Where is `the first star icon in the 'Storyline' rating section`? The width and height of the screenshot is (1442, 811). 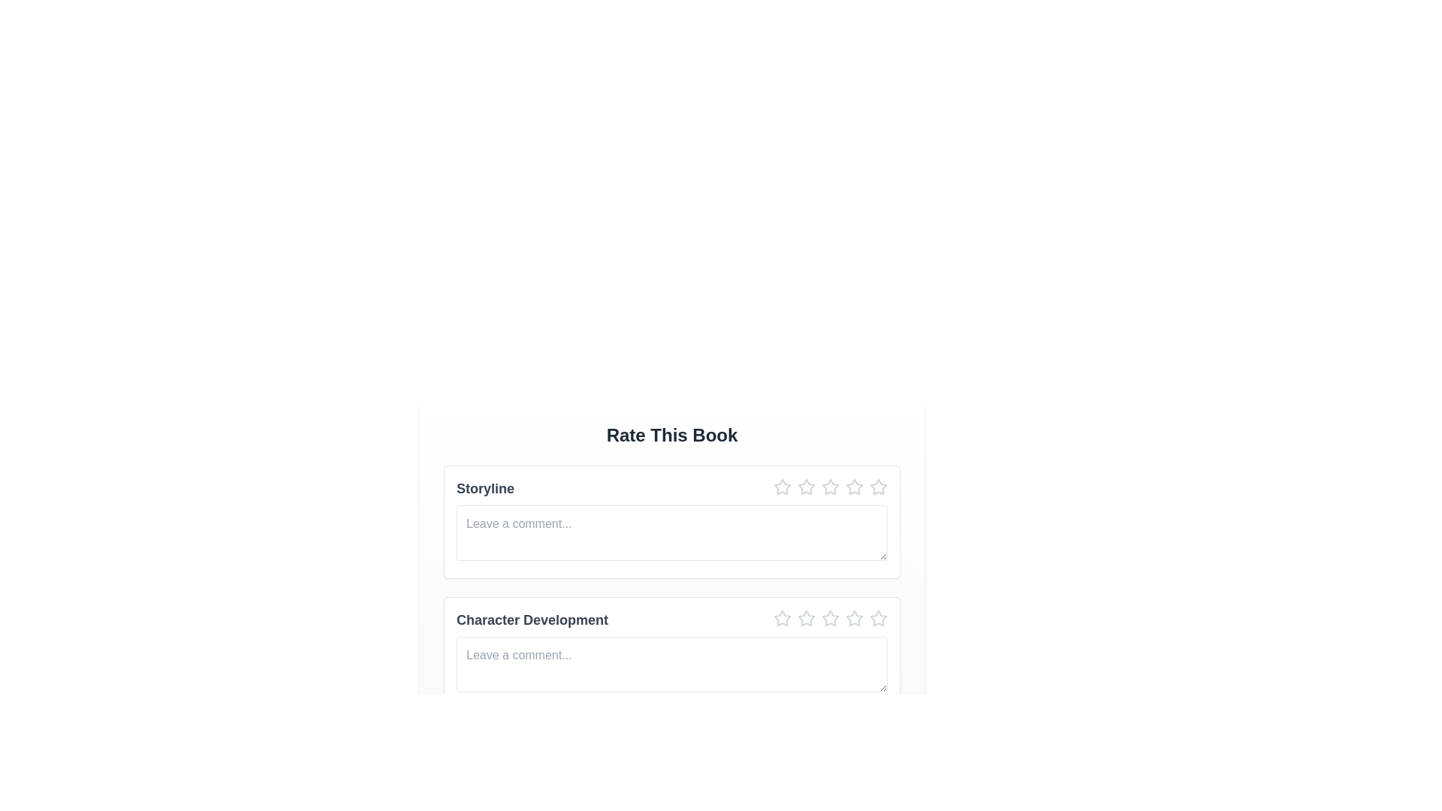
the first star icon in the 'Storyline' rating section is located at coordinates (781, 487).